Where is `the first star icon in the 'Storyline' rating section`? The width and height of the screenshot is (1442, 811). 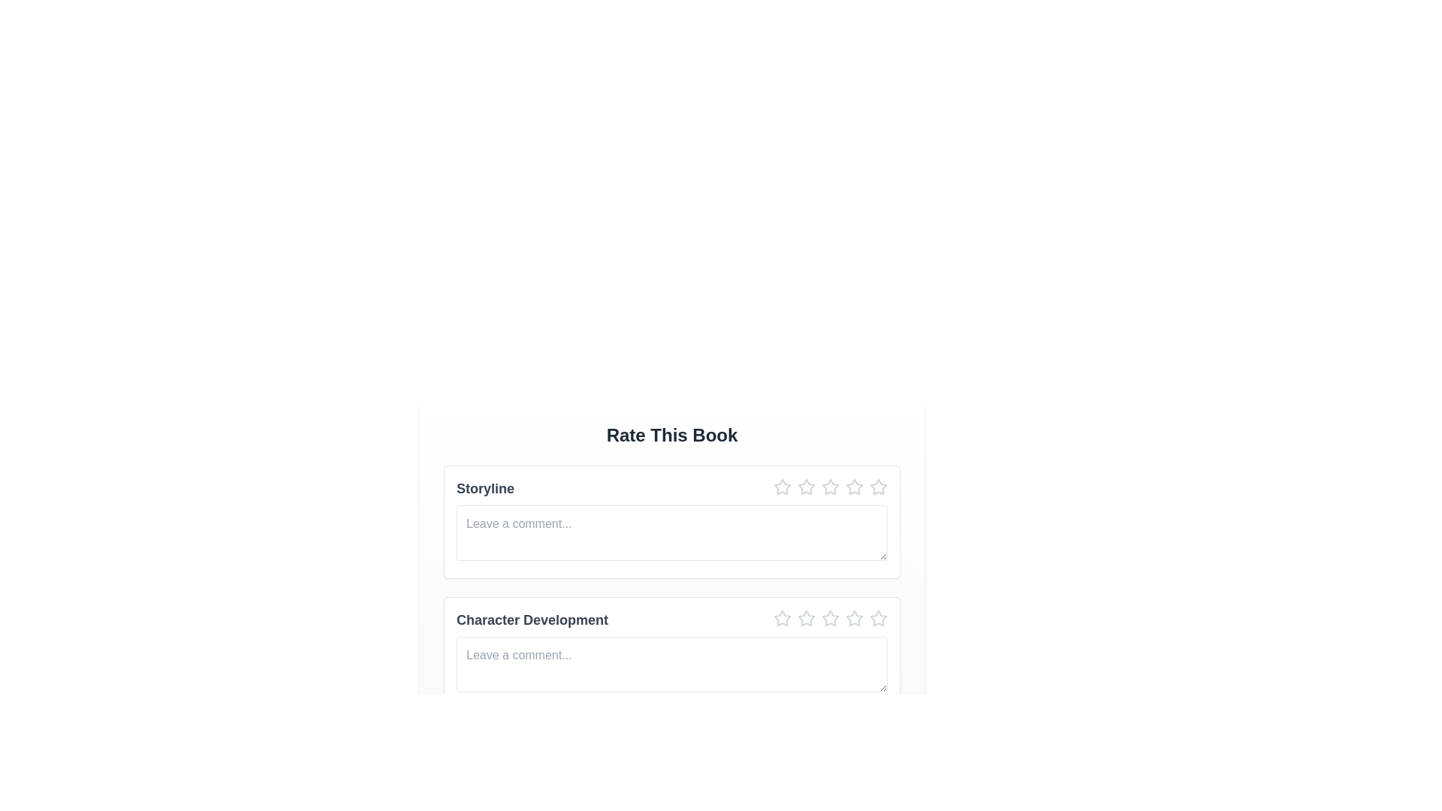
the first star icon in the 'Storyline' rating section is located at coordinates (781, 487).